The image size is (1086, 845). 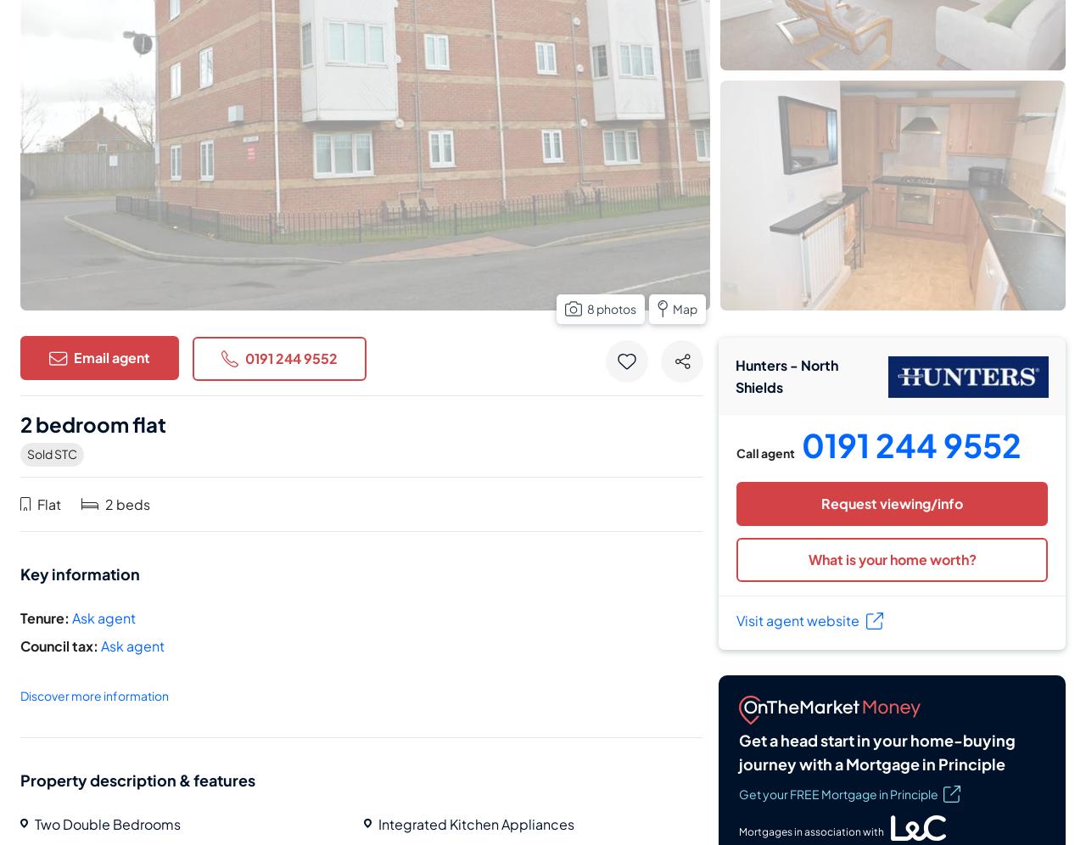 I want to click on '2 bedroom flat', so click(x=92, y=423).